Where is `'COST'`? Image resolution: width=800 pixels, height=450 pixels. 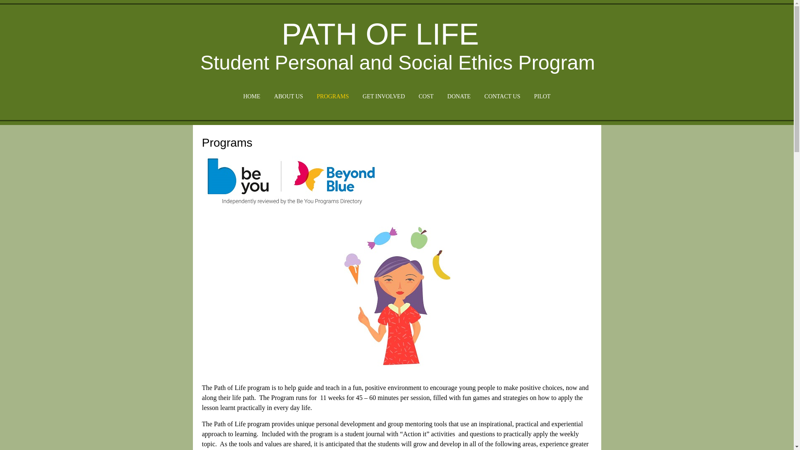
'COST' is located at coordinates (412, 96).